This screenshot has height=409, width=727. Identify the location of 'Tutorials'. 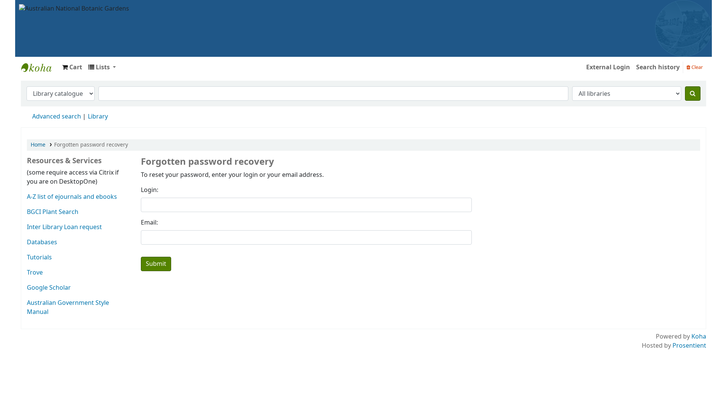
(27, 257).